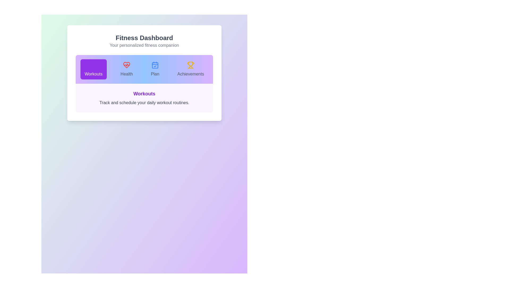 The height and width of the screenshot is (287, 510). Describe the element at coordinates (190, 69) in the screenshot. I see `the tab icon corresponding to Achievements` at that location.